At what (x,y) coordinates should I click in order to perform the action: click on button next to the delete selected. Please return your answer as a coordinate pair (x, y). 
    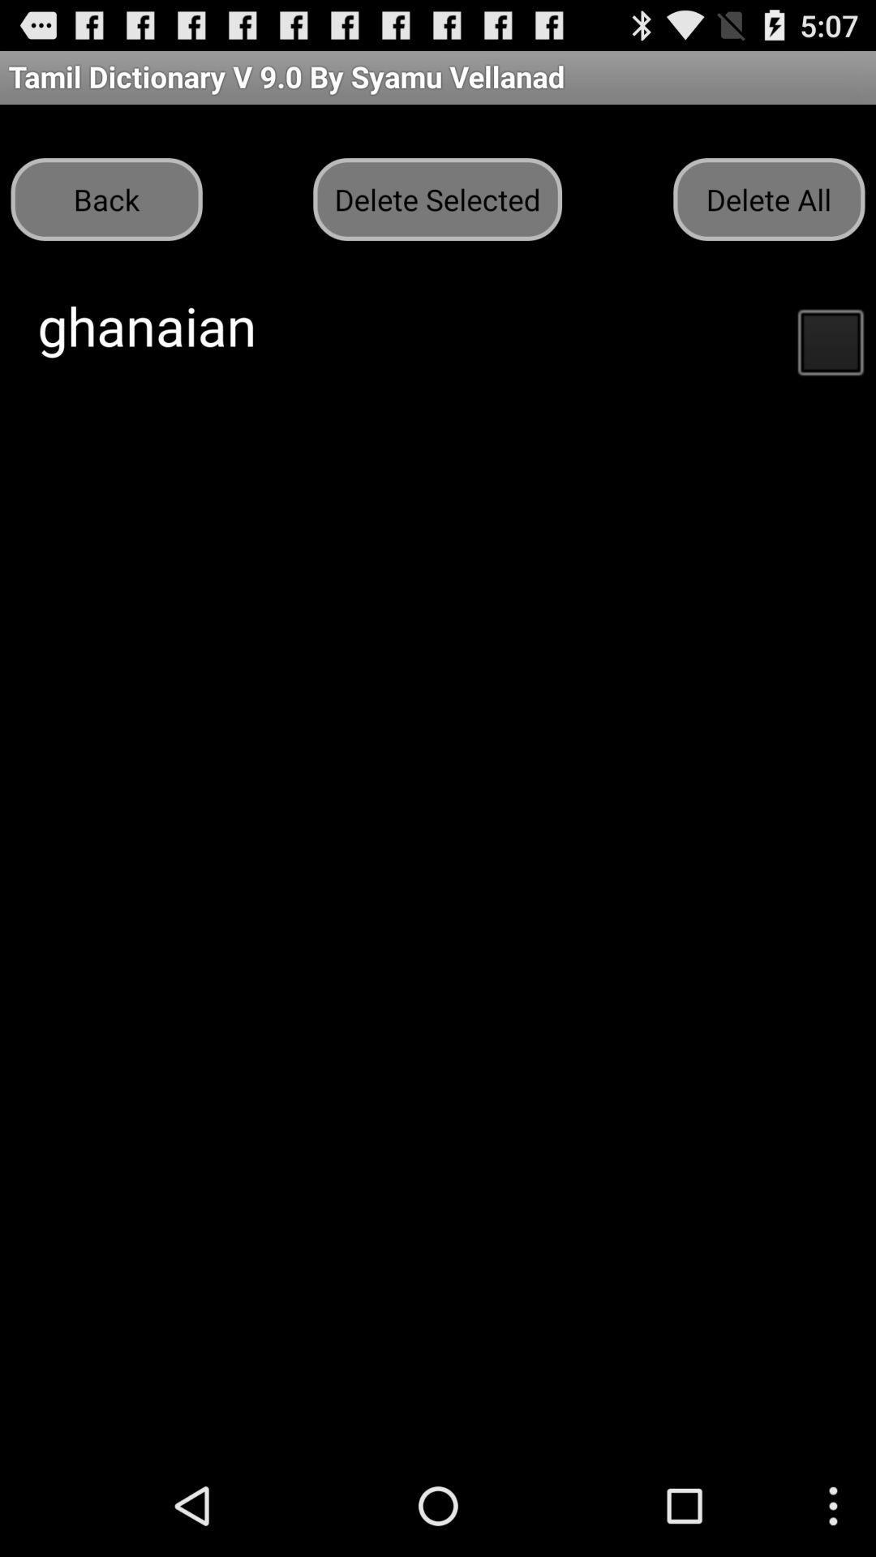
    Looking at the image, I should click on (768, 198).